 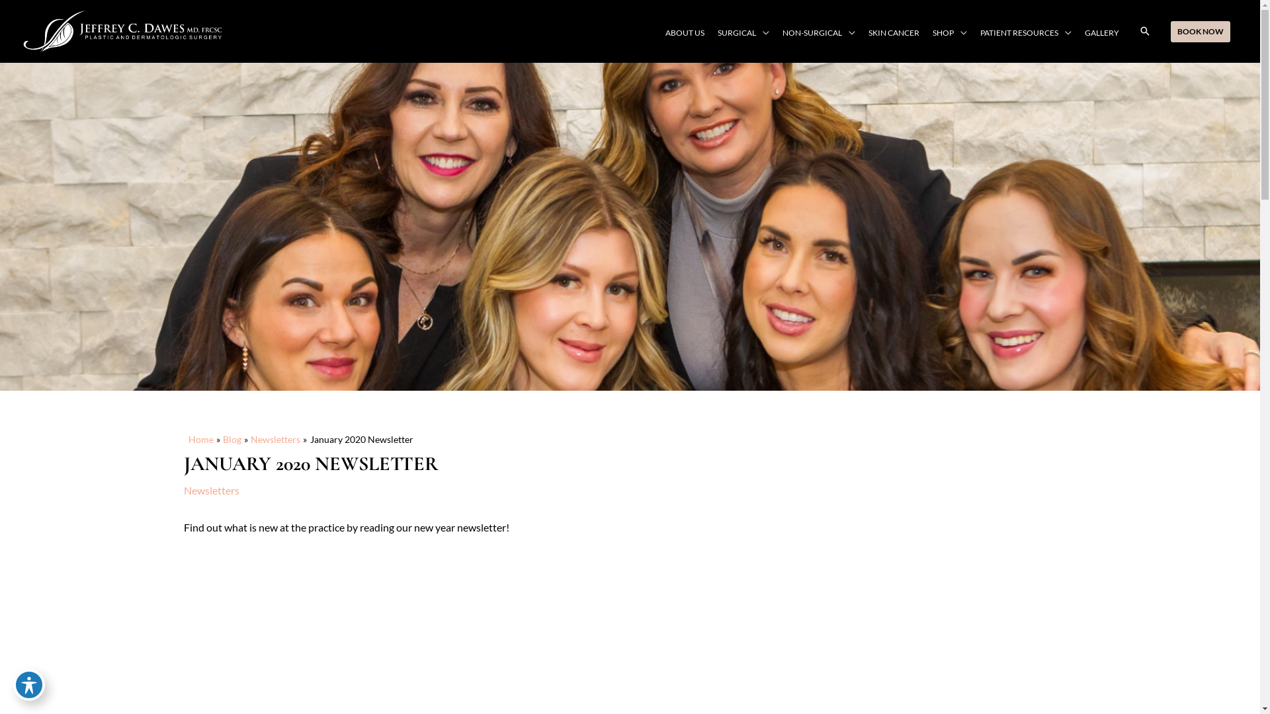 I want to click on 'BOOK NOW', so click(x=1200, y=30).